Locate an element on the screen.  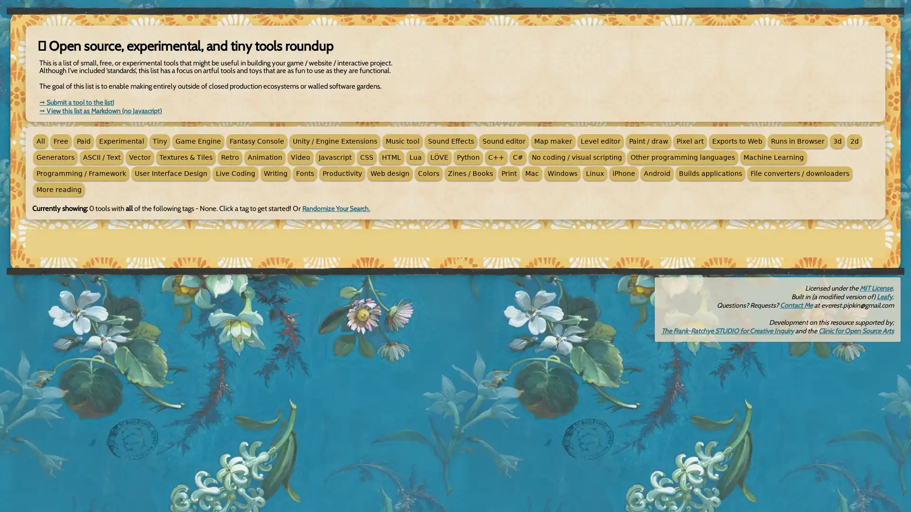
Runs in Browser is located at coordinates (797, 141).